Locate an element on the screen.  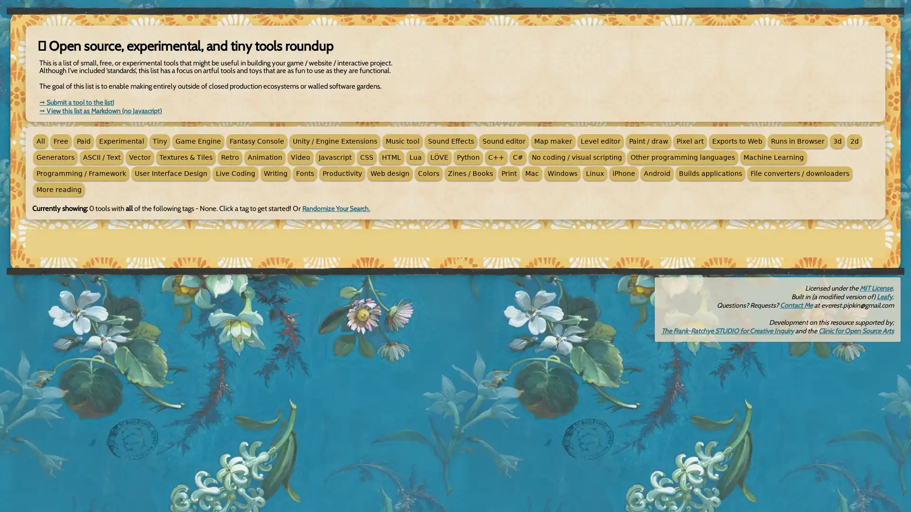
Runs in Browser is located at coordinates (797, 141).